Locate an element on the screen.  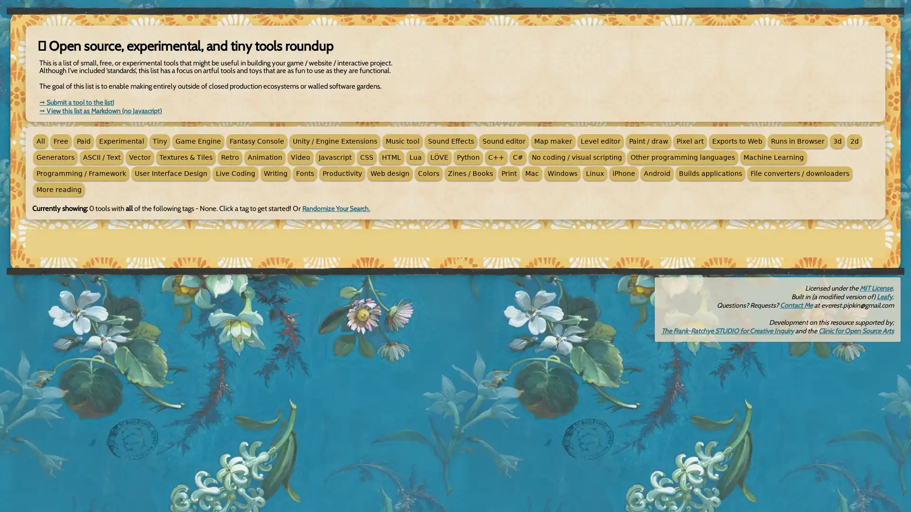
Runs in Browser is located at coordinates (797, 141).